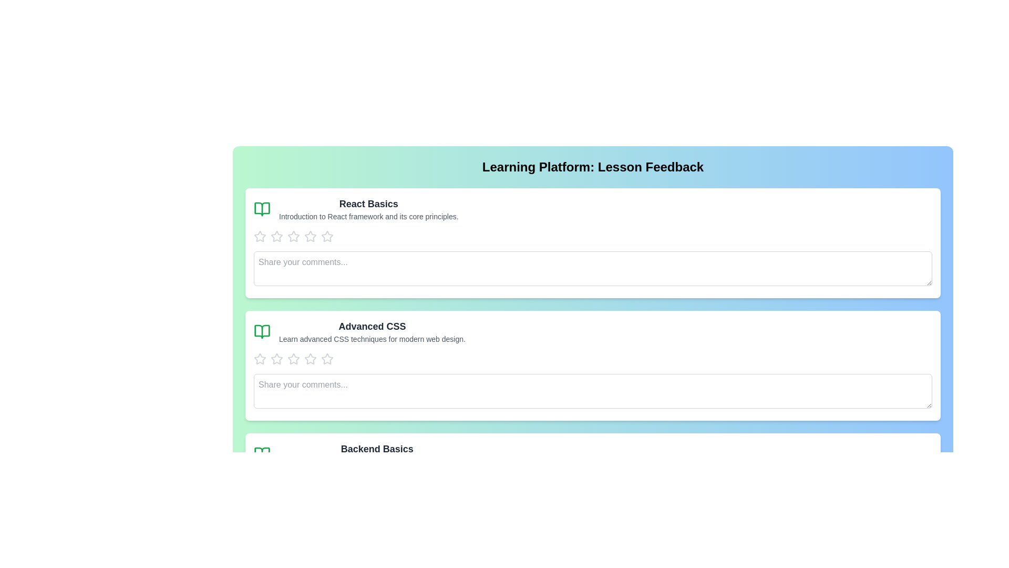 The height and width of the screenshot is (568, 1009). I want to click on the fourth star icon in the rating system located in the feedback interface for the 'Advanced CSS' section, so click(293, 358).